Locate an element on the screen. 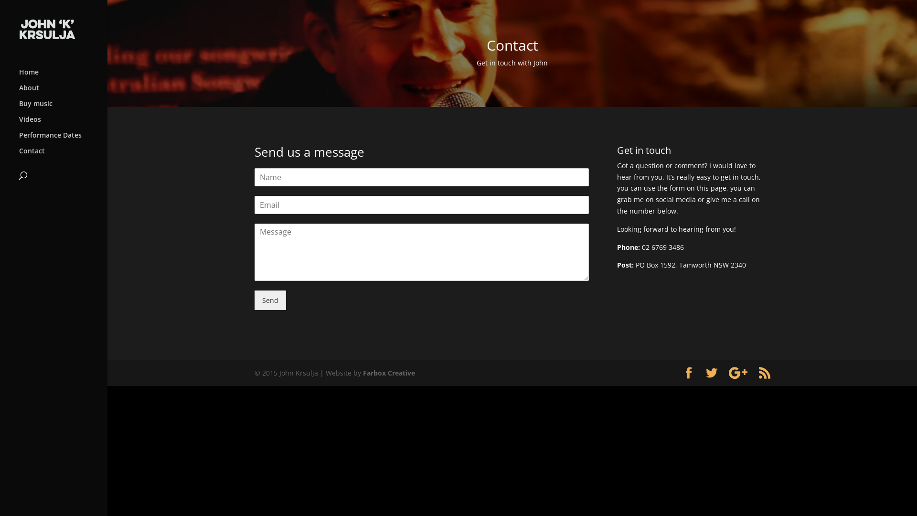  'Performance Dates' is located at coordinates (19, 140).